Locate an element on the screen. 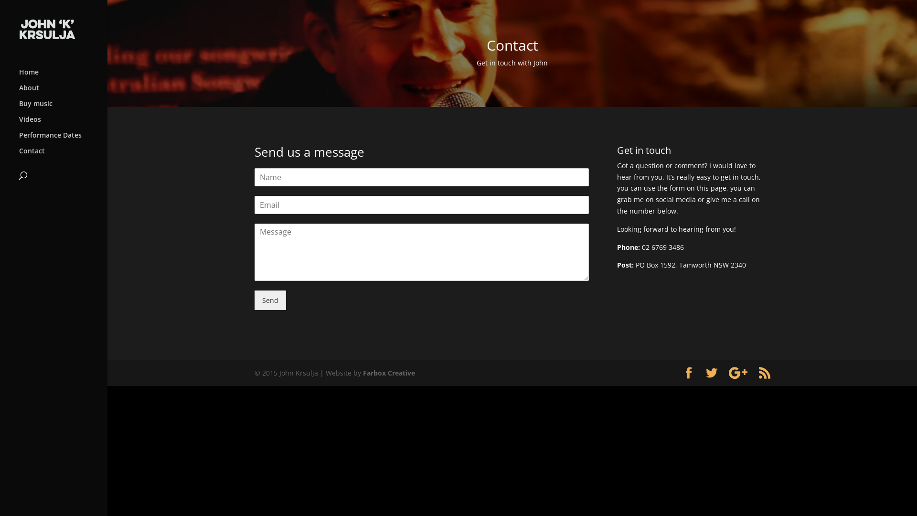  'Performance Dates' is located at coordinates (19, 140).